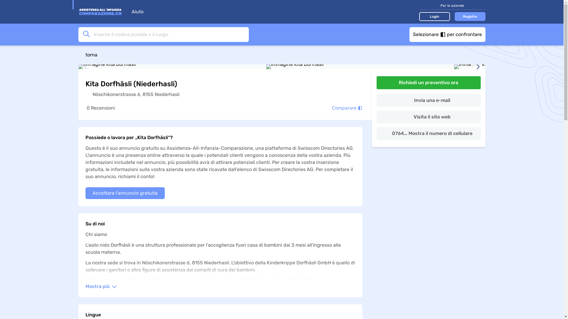 This screenshot has width=568, height=319. What do you see at coordinates (434, 16) in the screenshot?
I see `'Login'` at bounding box center [434, 16].